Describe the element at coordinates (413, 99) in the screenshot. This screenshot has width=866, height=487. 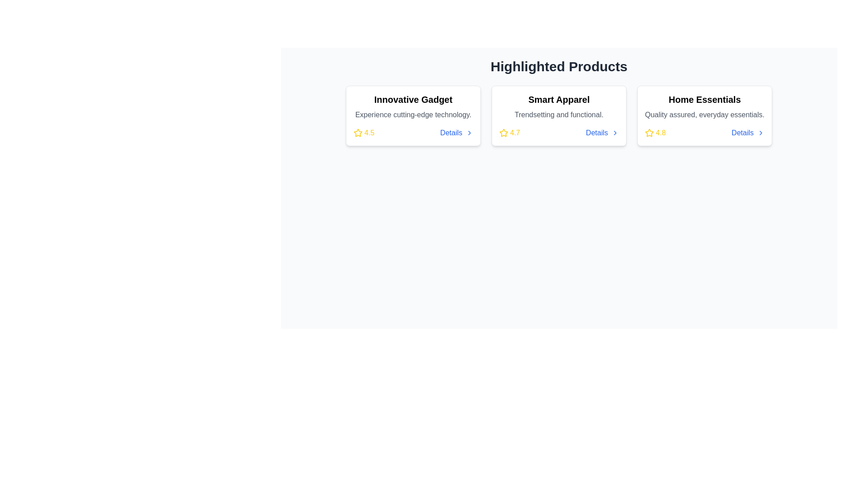
I see `the Text Label that serves as the title of the product in the first card of the horizontal row` at that location.